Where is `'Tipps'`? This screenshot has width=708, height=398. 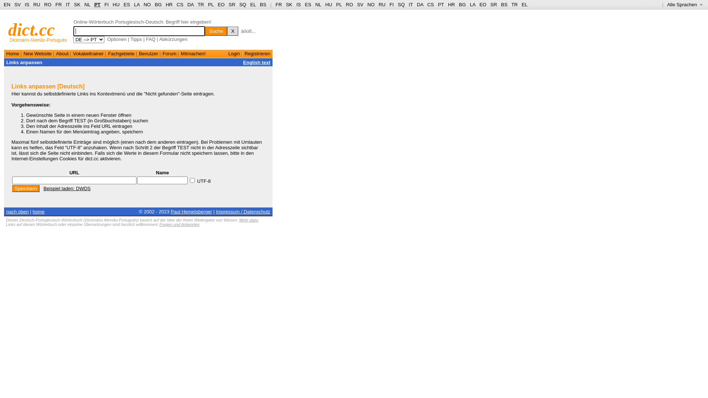
'Tipps' is located at coordinates (136, 39).